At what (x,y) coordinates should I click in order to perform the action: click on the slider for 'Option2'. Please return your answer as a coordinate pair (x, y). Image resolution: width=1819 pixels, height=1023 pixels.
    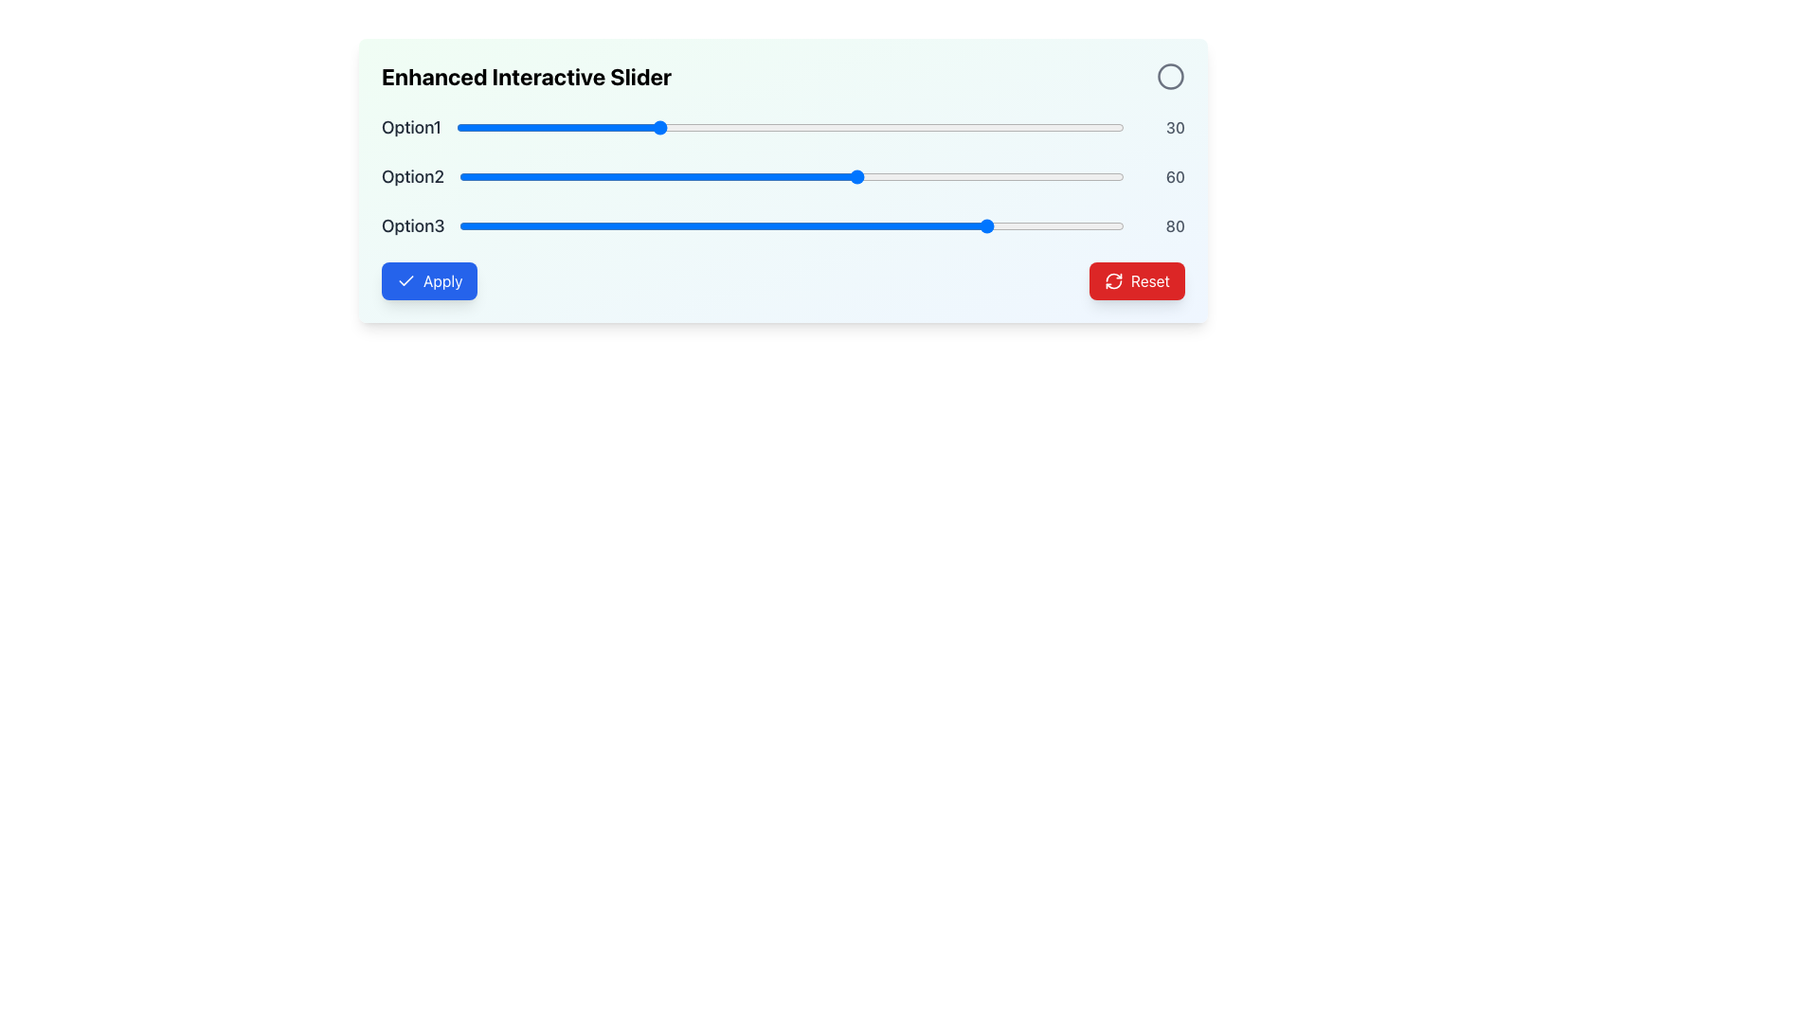
    Looking at the image, I should click on (997, 176).